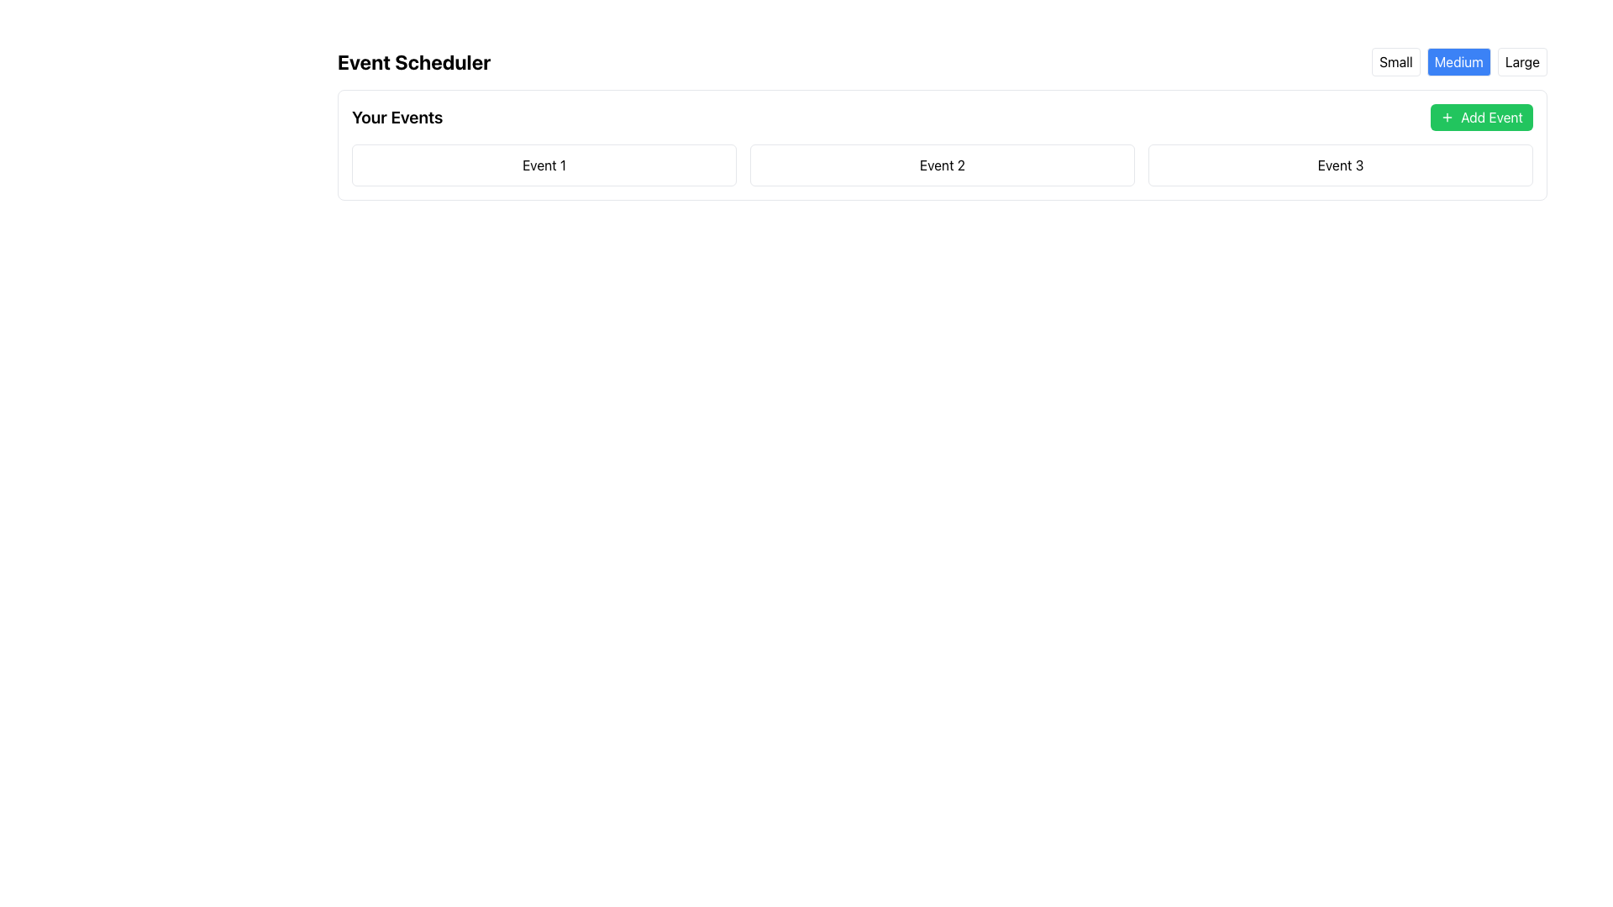  Describe the element at coordinates (1482, 116) in the screenshot. I see `the 'Add Event' button located at the top-right of the 'Your Events' section` at that location.